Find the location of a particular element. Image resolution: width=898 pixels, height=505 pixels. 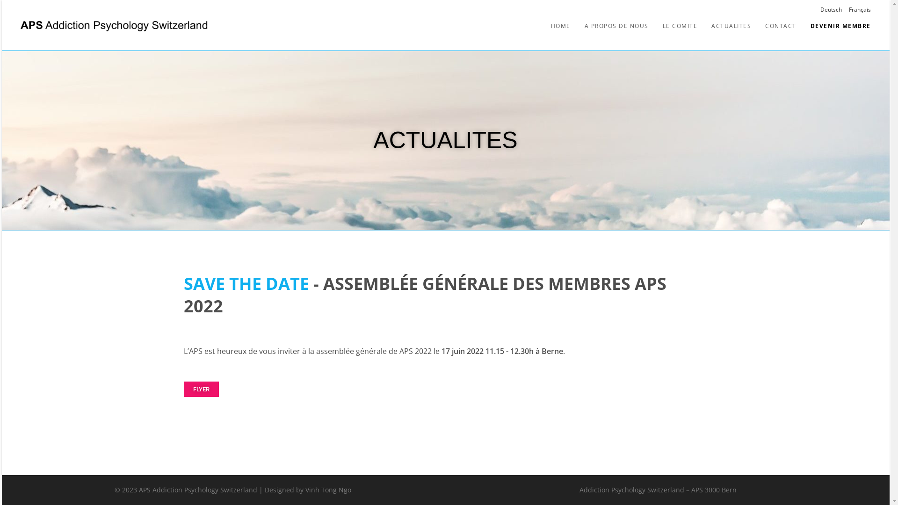

'FLYER' is located at coordinates (200, 389).